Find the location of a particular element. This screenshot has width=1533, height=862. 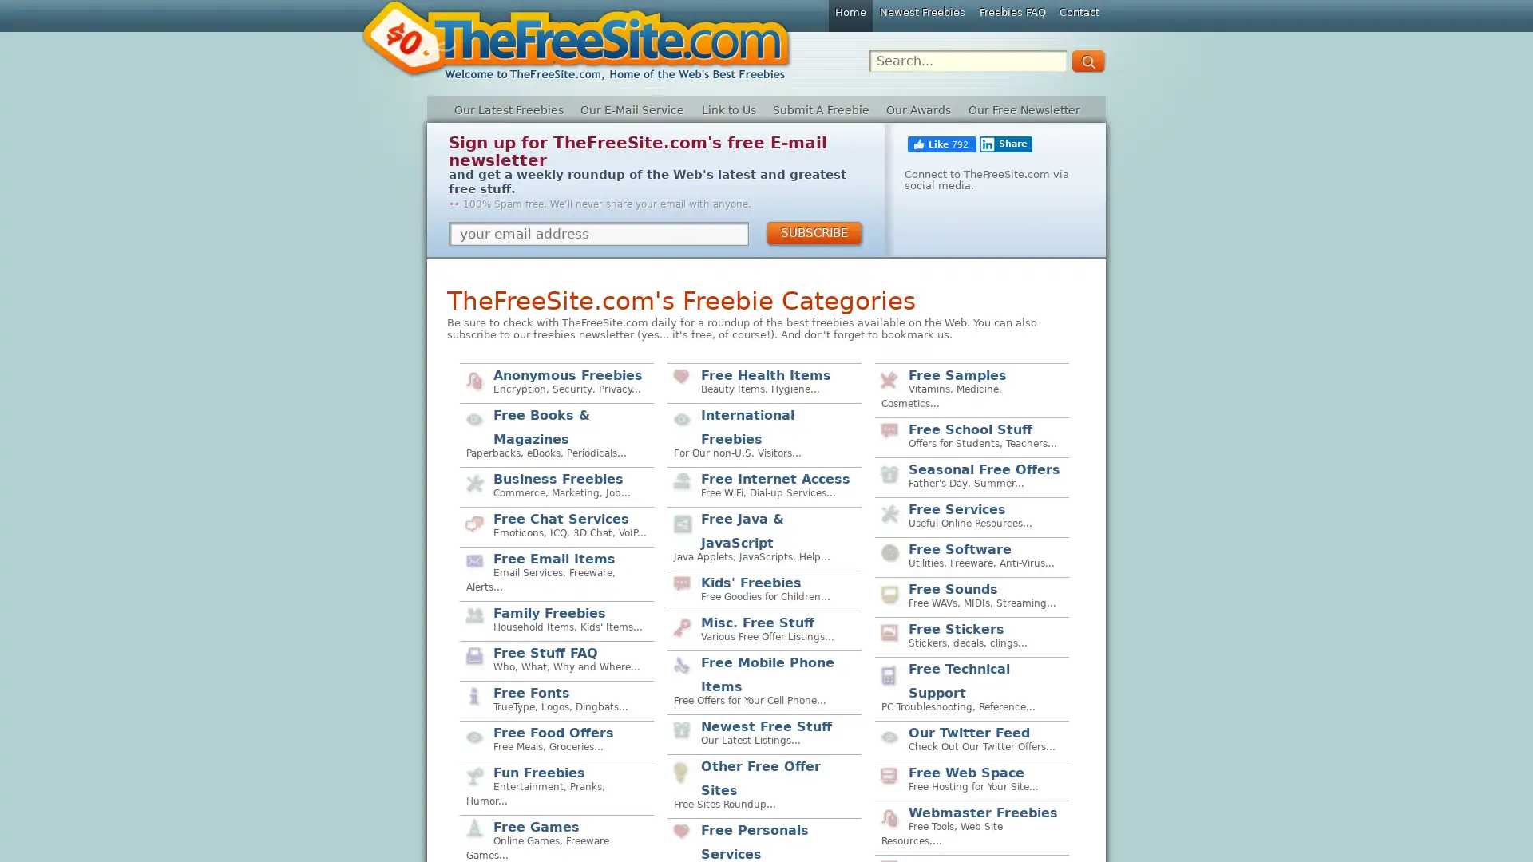

GO is located at coordinates (1087, 60).